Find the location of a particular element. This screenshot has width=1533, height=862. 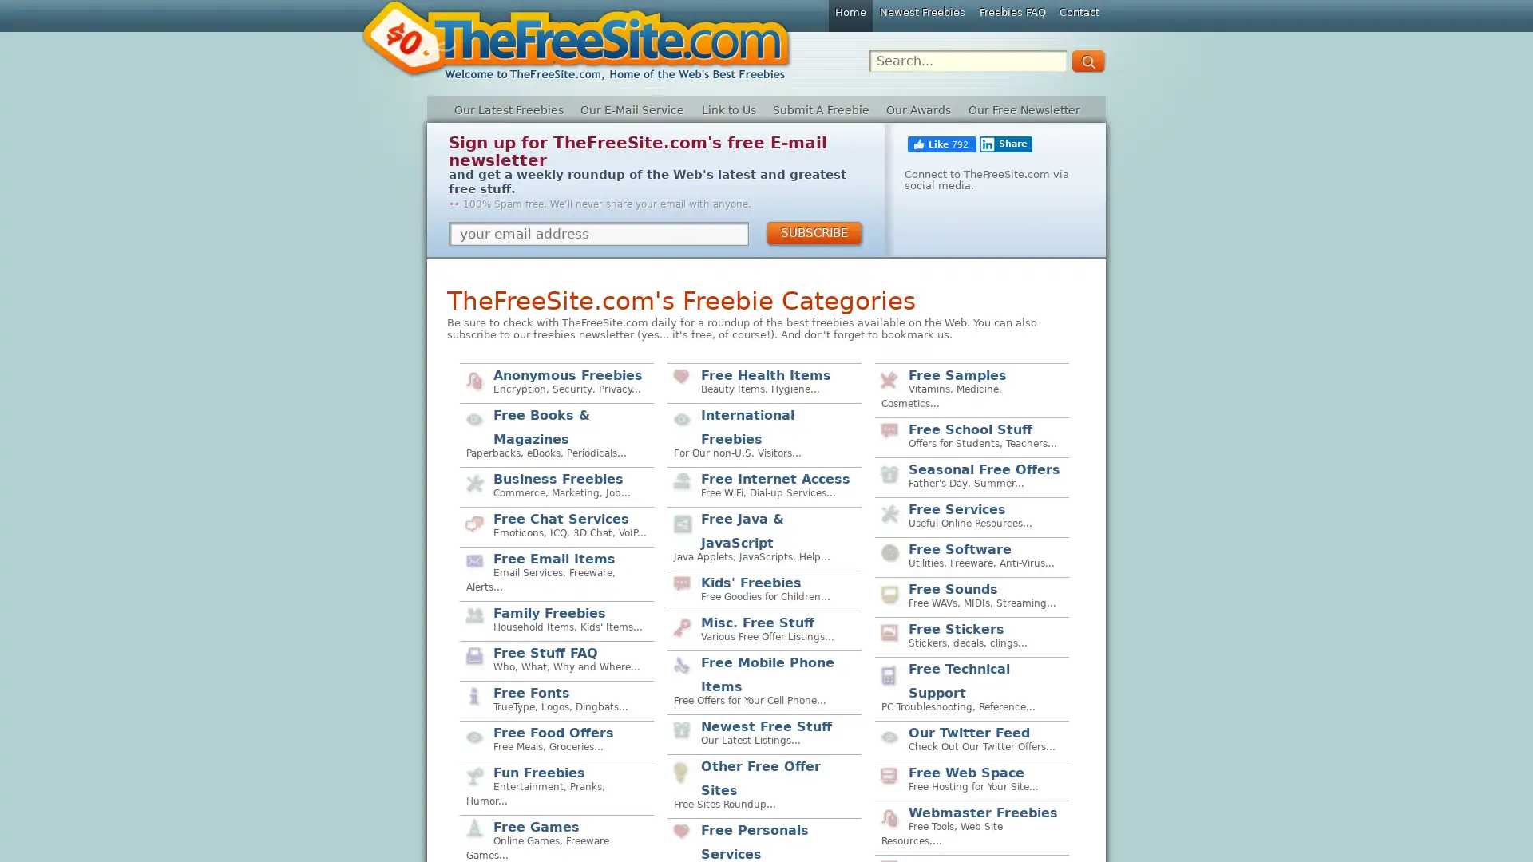

GO is located at coordinates (1087, 60).